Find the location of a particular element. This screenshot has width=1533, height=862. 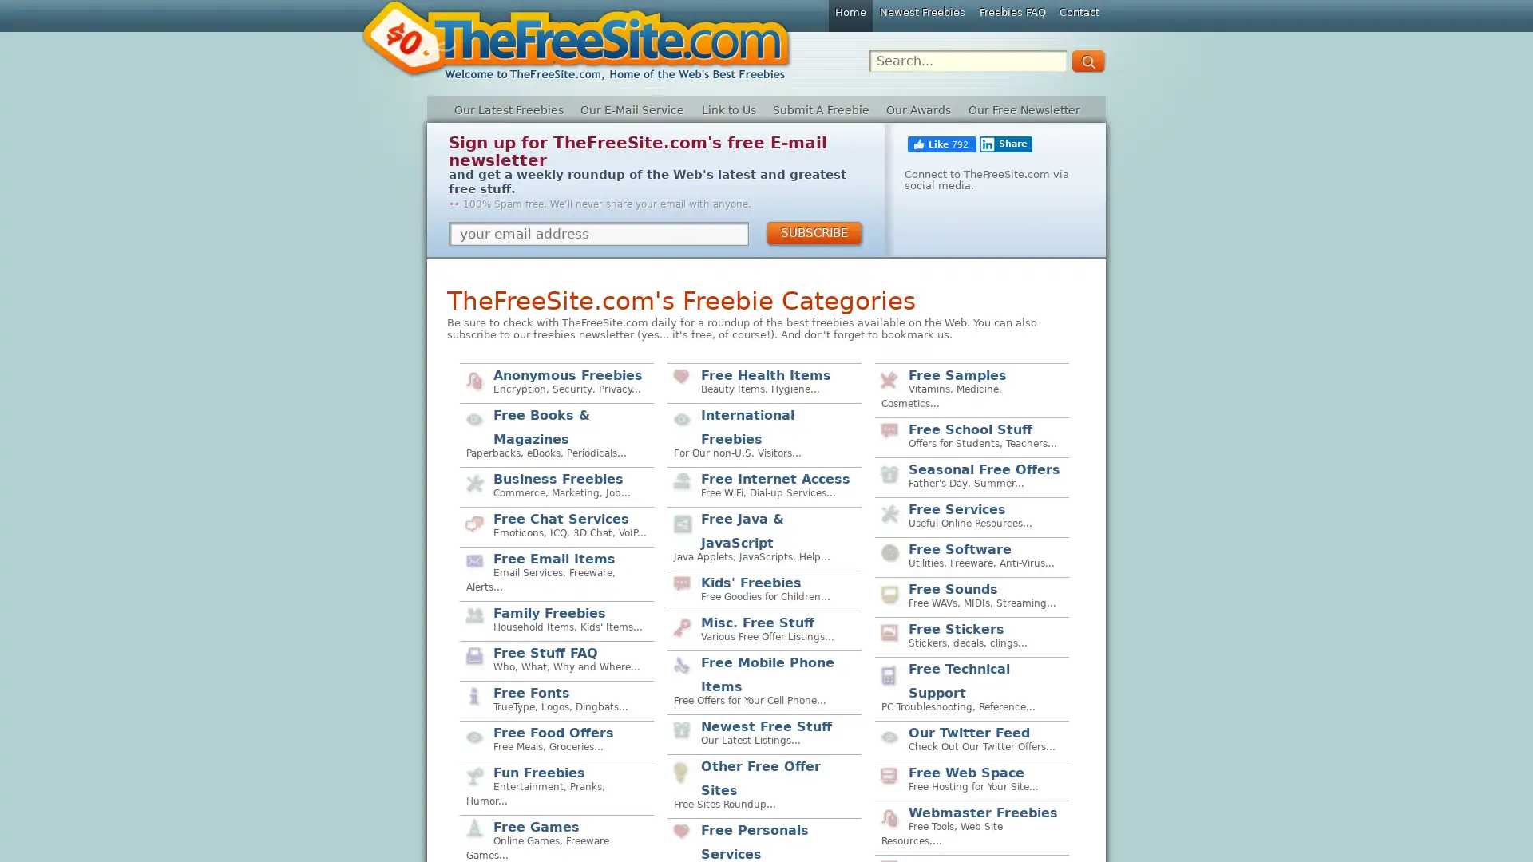

GO is located at coordinates (1087, 60).